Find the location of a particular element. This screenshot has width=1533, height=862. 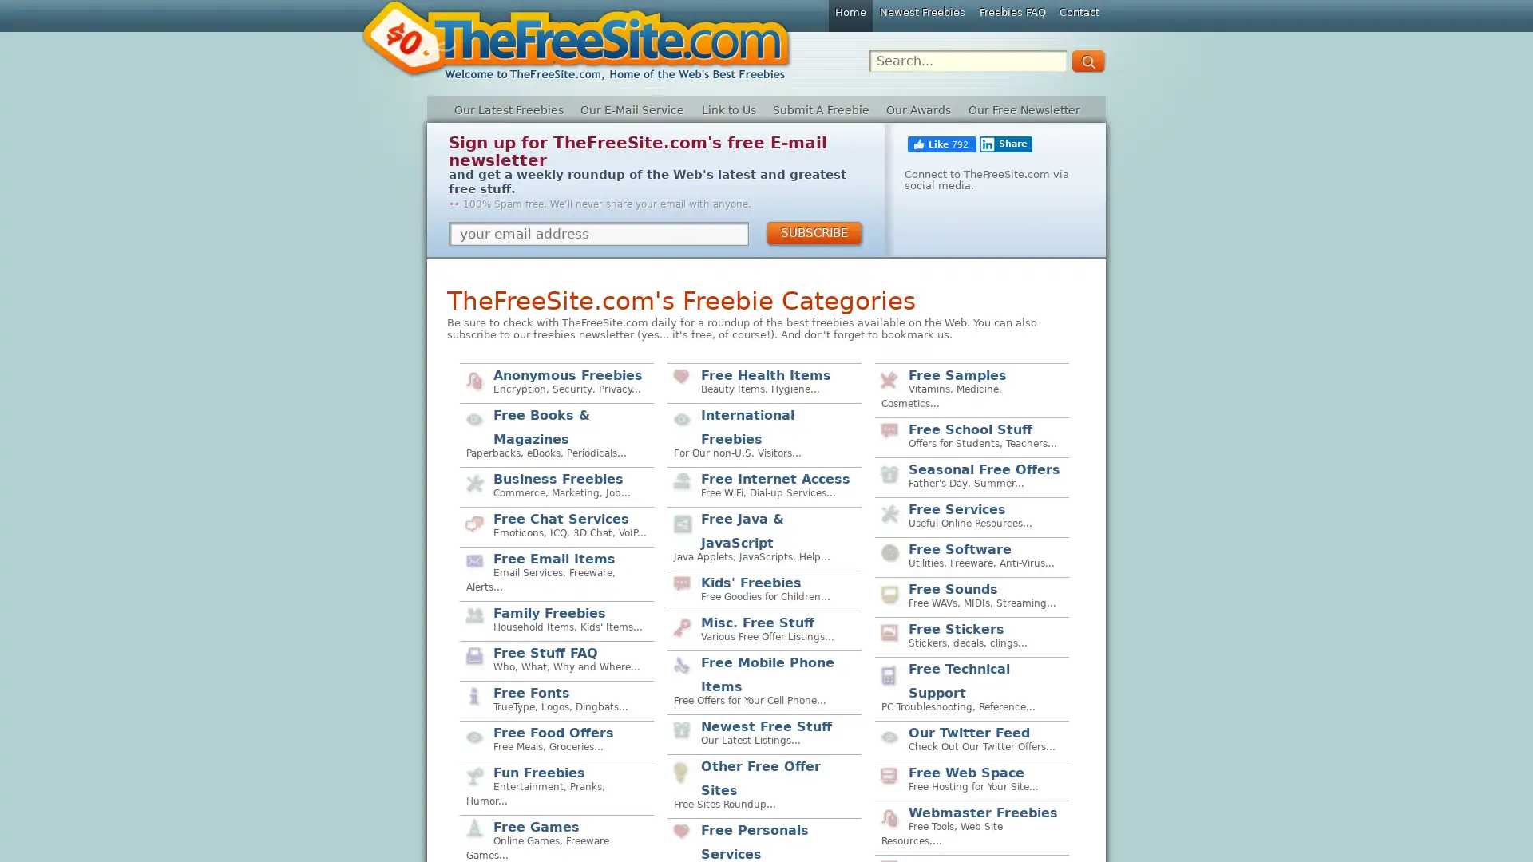

GO is located at coordinates (1087, 60).